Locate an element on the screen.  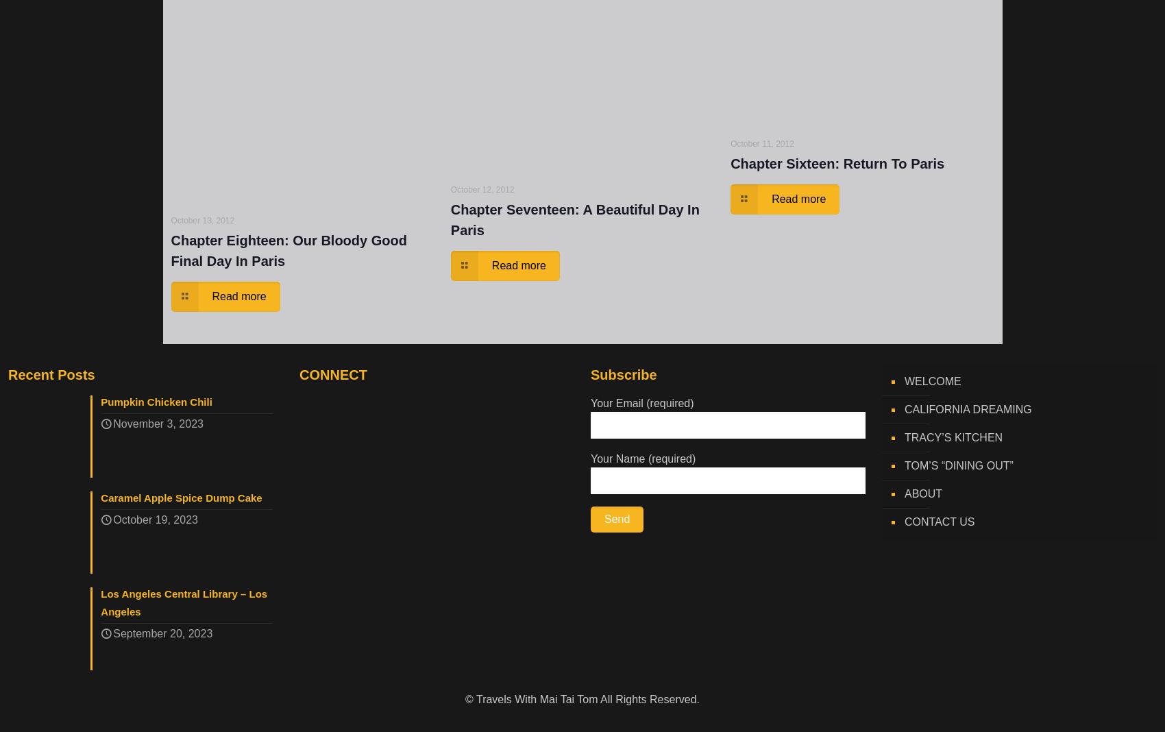
'Pumpkin Chicken Chili' is located at coordinates (156, 402).